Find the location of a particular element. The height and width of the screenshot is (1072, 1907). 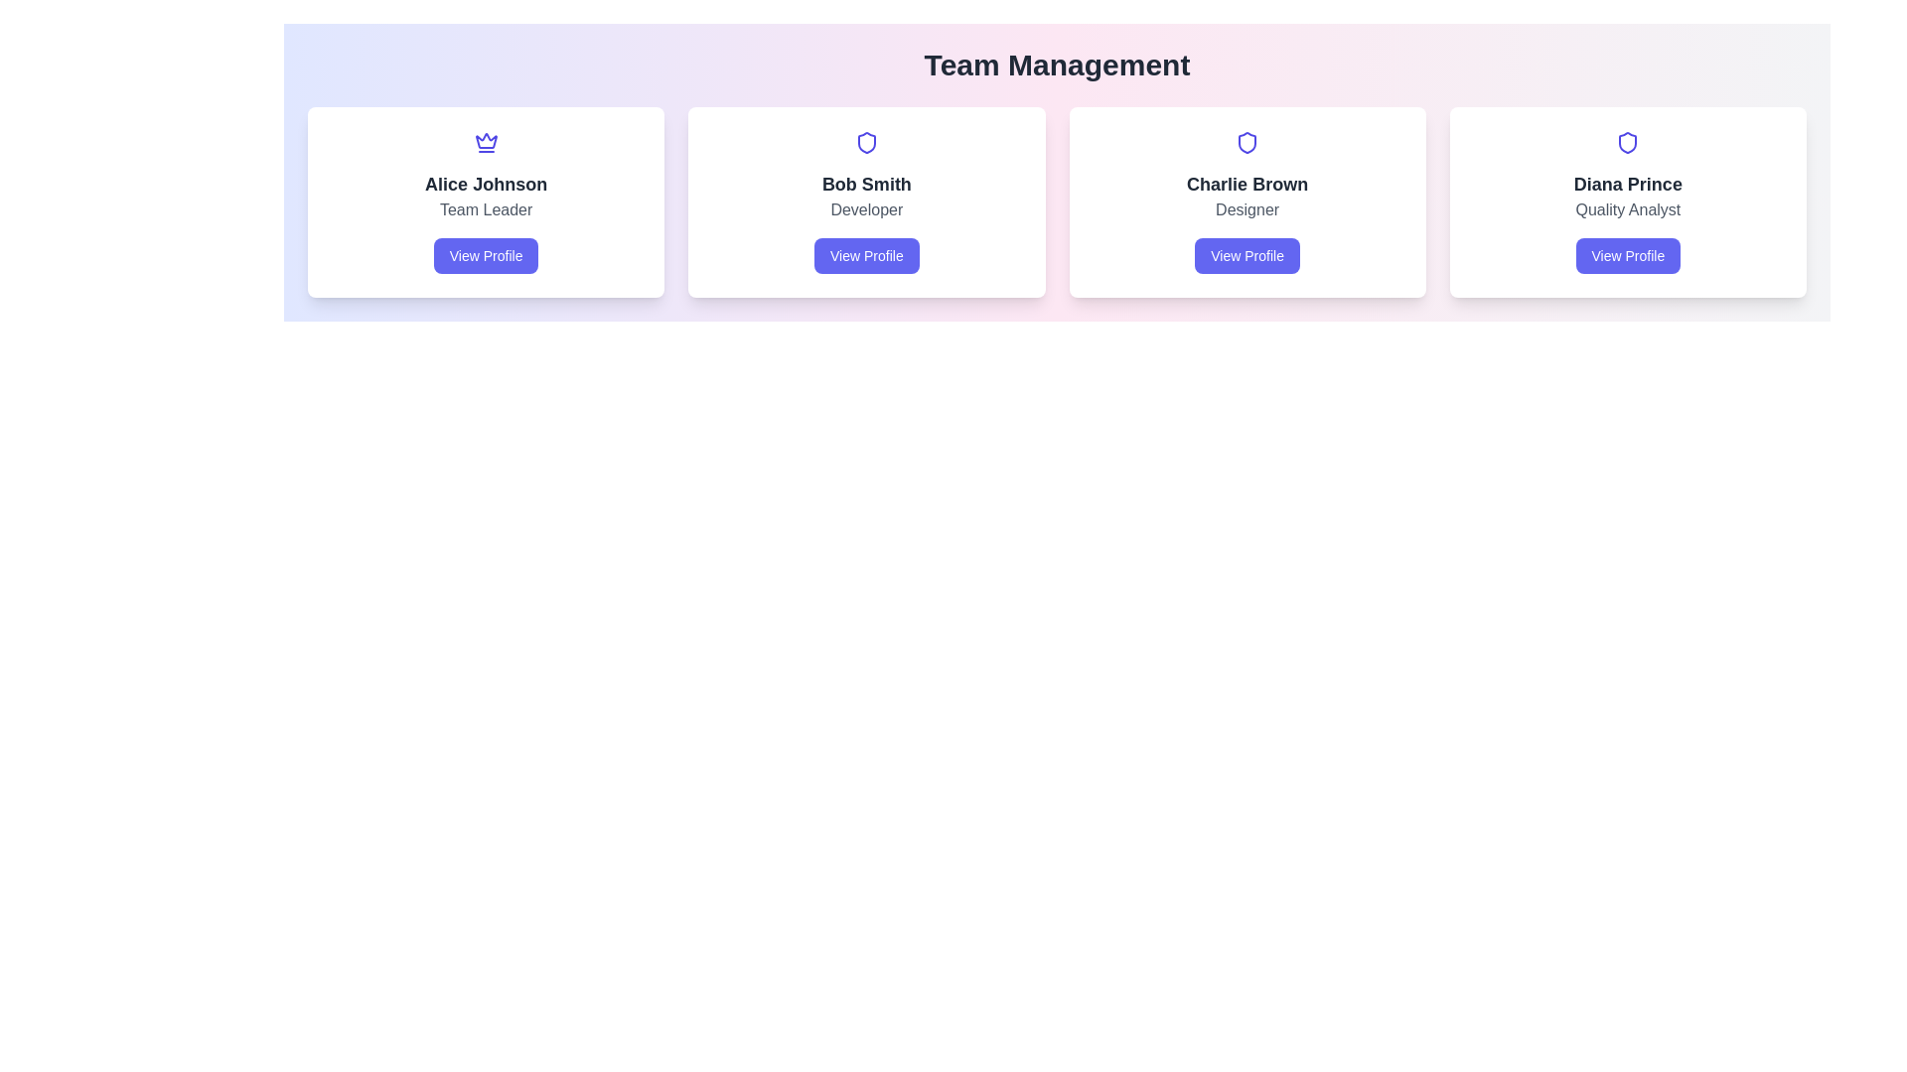

the shield-like icon located centrally near the top edge of the 'Diana Prince' card, which is the right-most card in a horizontally arranged set of four cards is located at coordinates (1628, 141).